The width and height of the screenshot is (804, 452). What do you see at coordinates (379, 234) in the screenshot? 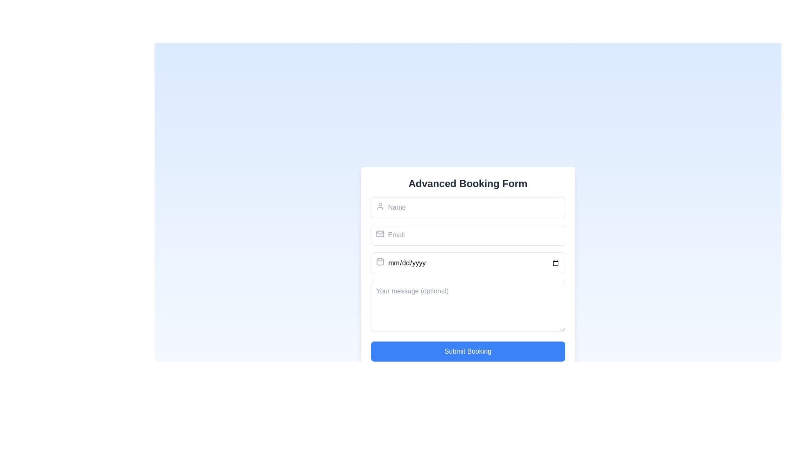
I see `the grayish rectangular icon with rounded corners that resembles a closed envelope, located within the email input field section of the advanced booking form` at bounding box center [379, 234].